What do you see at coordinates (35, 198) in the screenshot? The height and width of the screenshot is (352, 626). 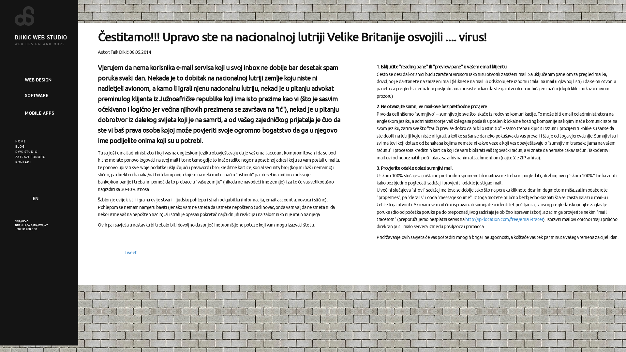 I see `'EN'` at bounding box center [35, 198].